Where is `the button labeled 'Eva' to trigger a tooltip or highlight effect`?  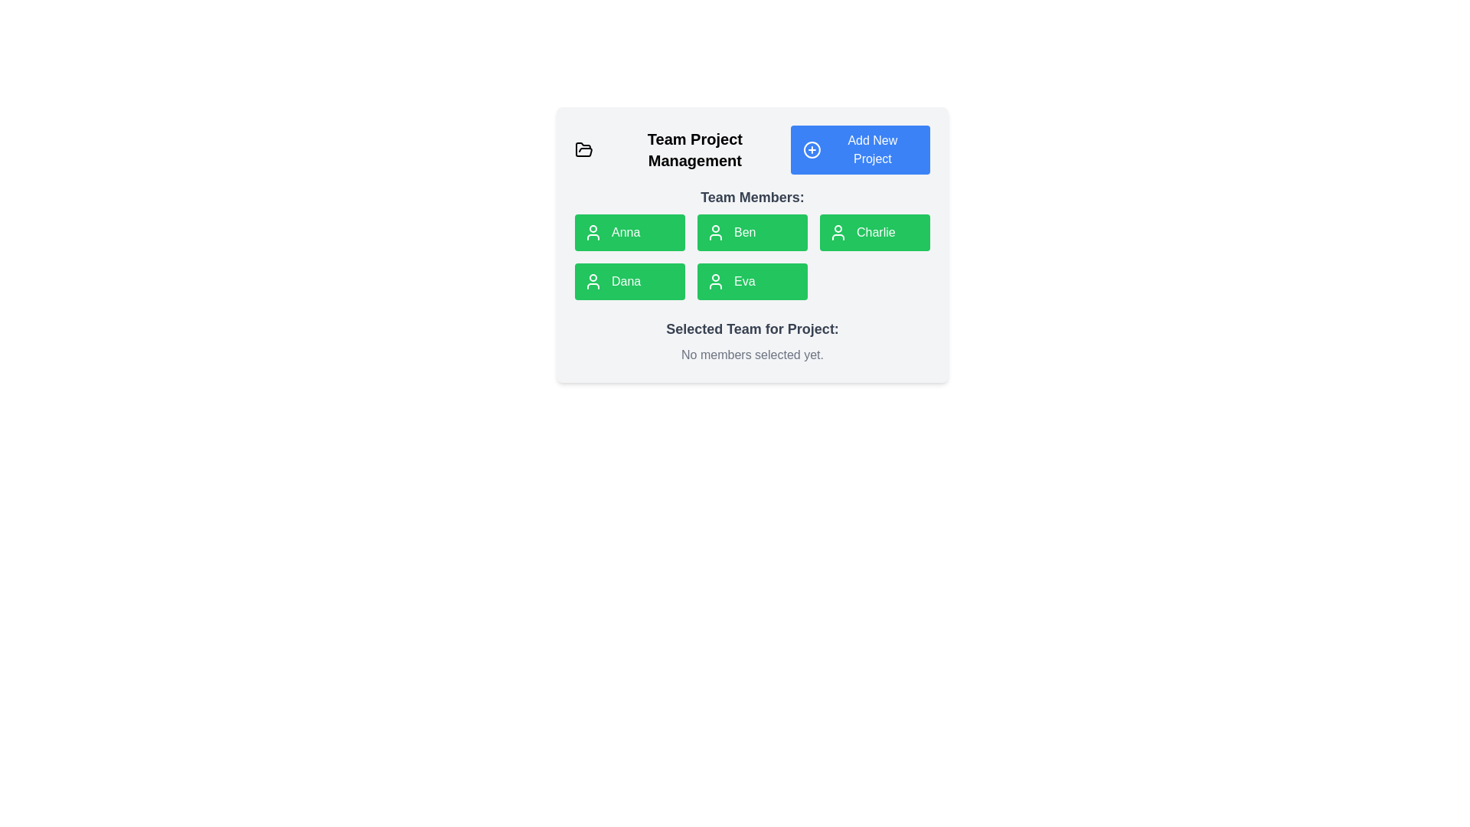 the button labeled 'Eva' to trigger a tooltip or highlight effect is located at coordinates (753, 281).